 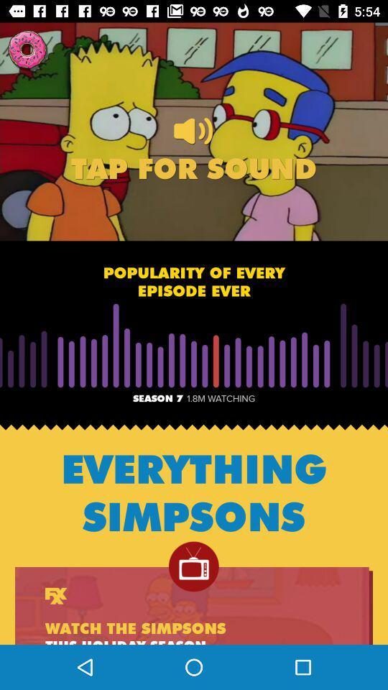 What do you see at coordinates (131, 425) in the screenshot?
I see `left side of 7` at bounding box center [131, 425].